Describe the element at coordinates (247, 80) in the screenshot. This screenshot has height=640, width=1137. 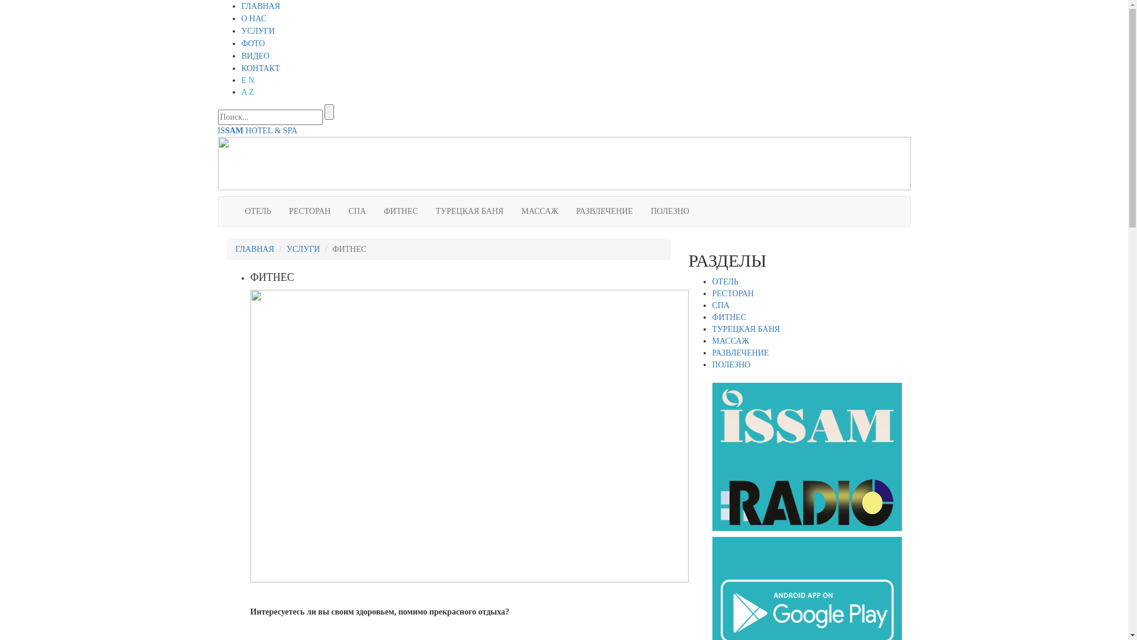
I see `'E N'` at that location.